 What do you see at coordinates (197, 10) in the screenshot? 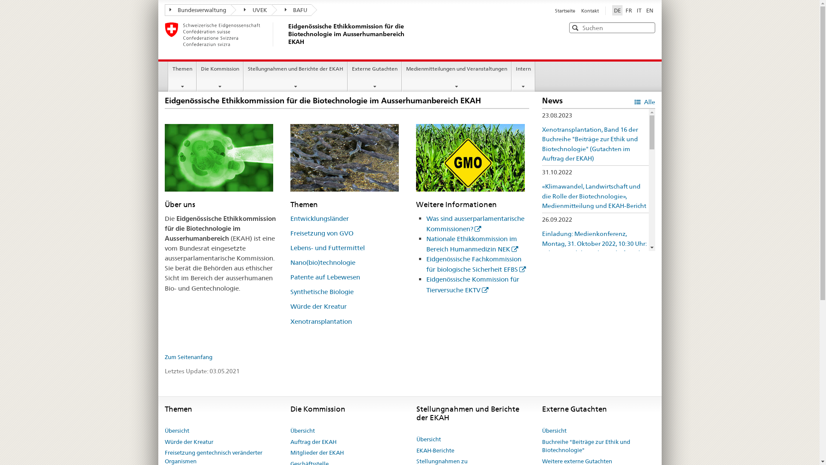
I see `'Bundesverwaltung'` at bounding box center [197, 10].